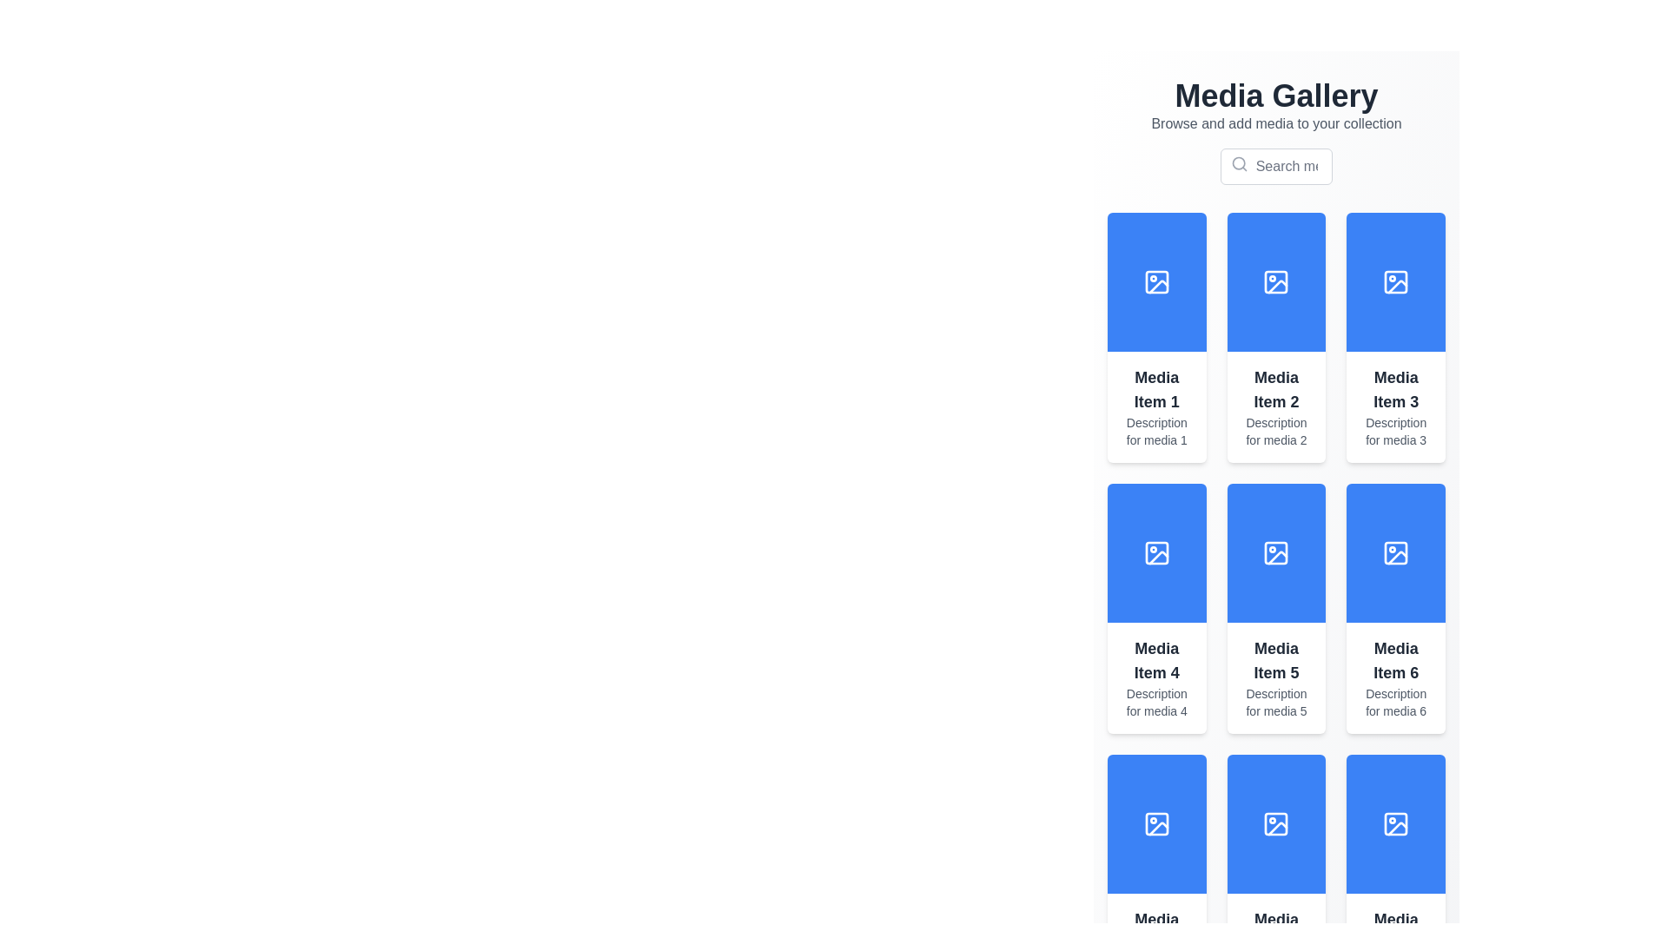 Image resolution: width=1668 pixels, height=938 pixels. What do you see at coordinates (1396, 677) in the screenshot?
I see `the Informational card displaying a media item located` at bounding box center [1396, 677].